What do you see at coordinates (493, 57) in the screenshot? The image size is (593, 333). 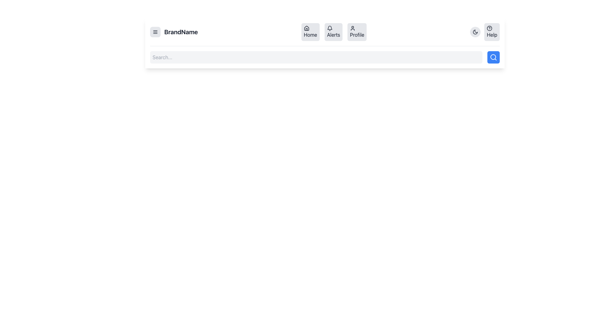 I see `the small rounded rectangular button with a blue background and a white magnifying glass icon` at bounding box center [493, 57].